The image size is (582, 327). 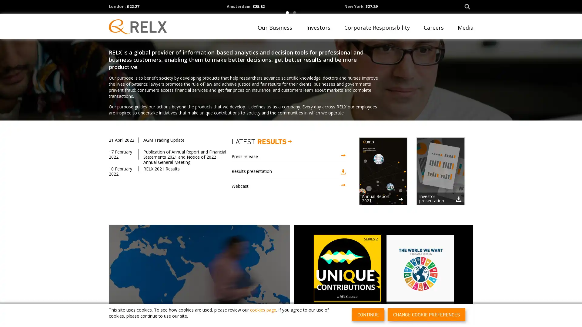 What do you see at coordinates (430, 314) in the screenshot?
I see `CHANGE COOKIE PREFERENCES` at bounding box center [430, 314].